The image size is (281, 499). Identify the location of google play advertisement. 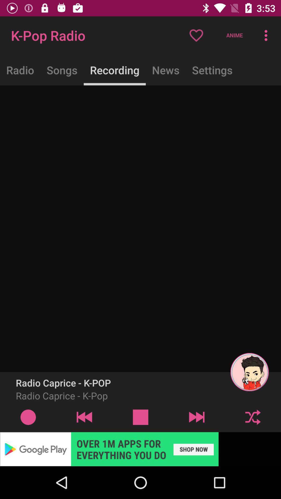
(140, 449).